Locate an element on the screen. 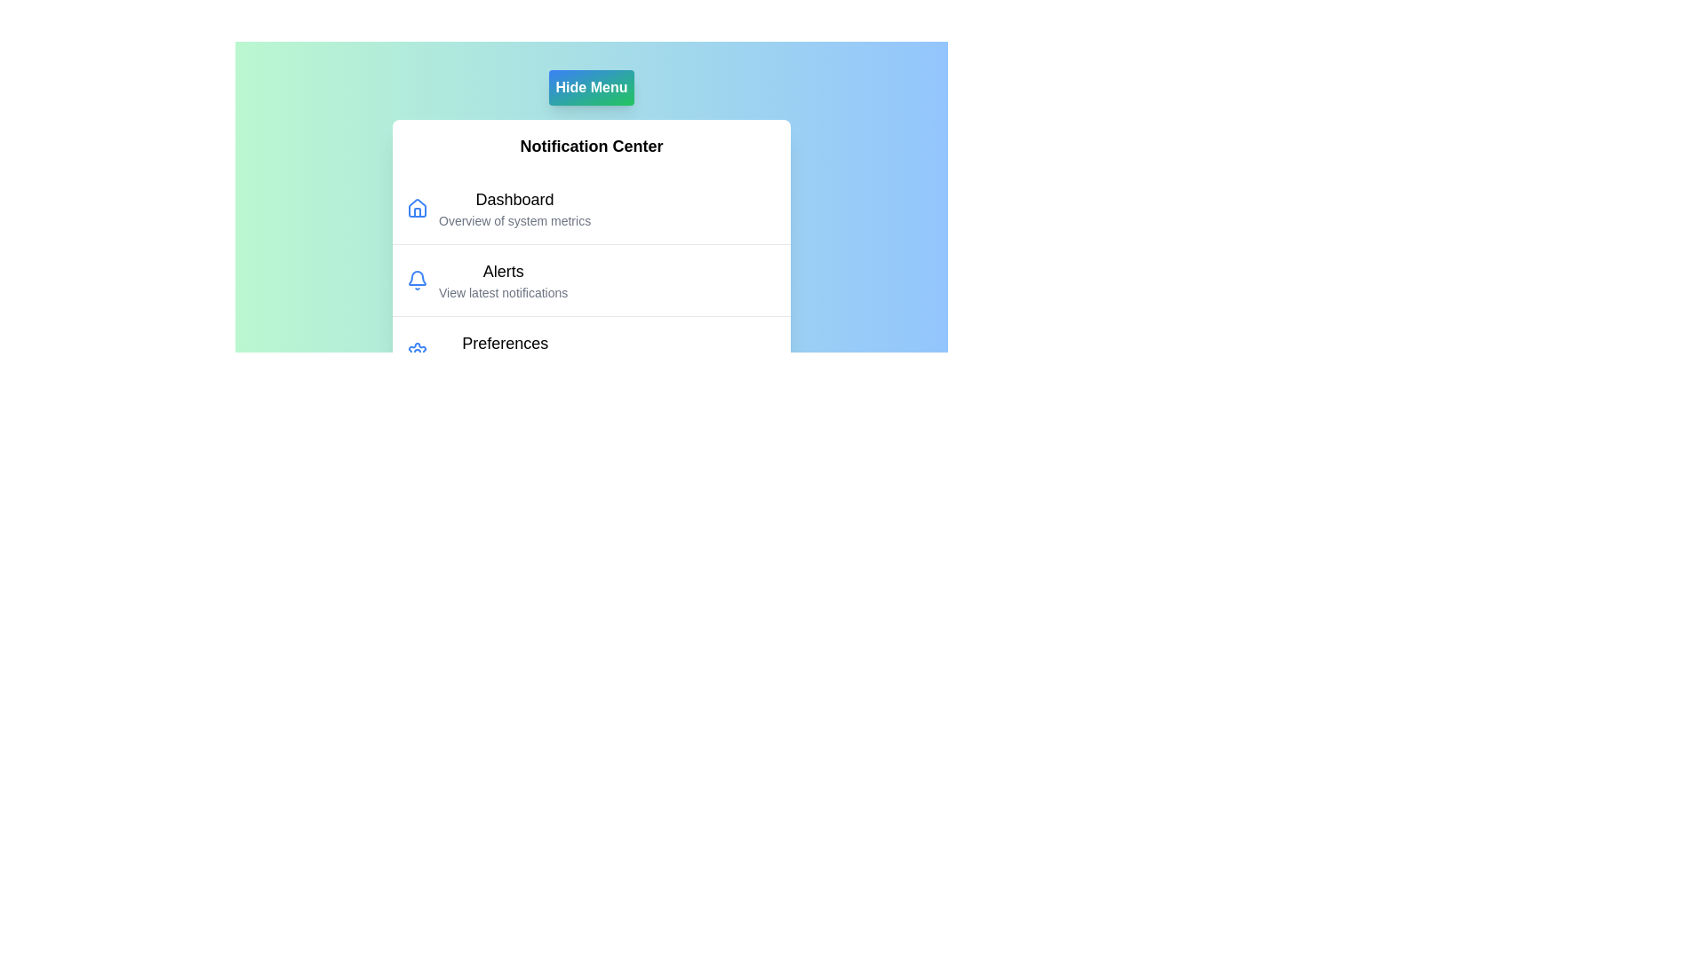 This screenshot has height=959, width=1706. the menu item labeled Preferences to highlight it is located at coordinates (504, 353).